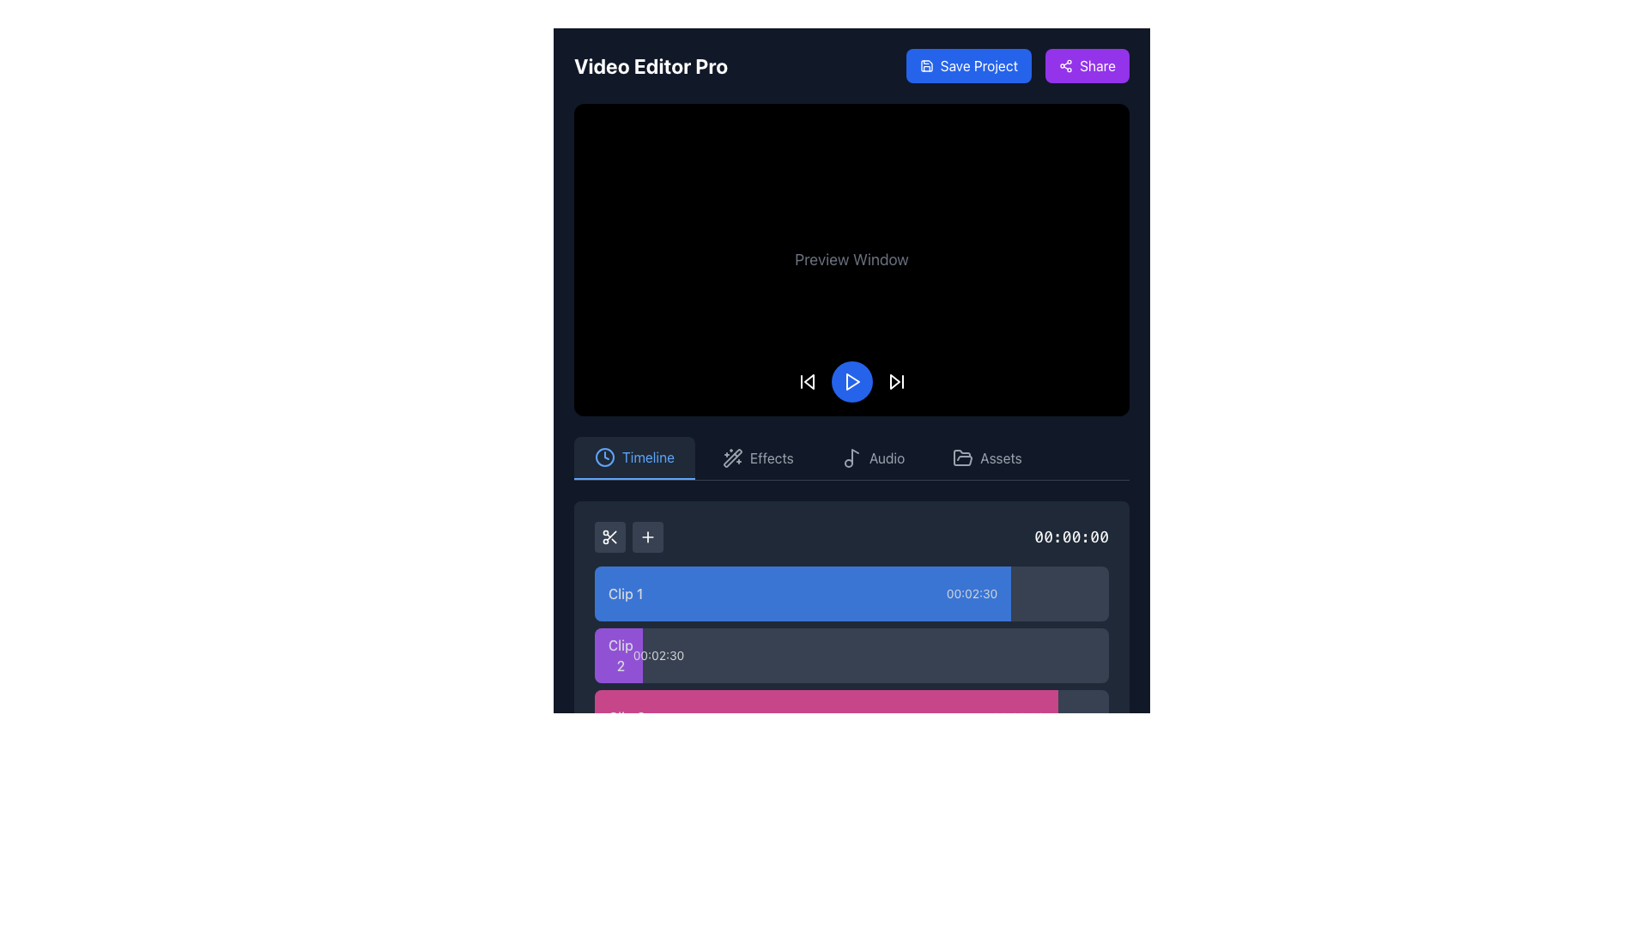 This screenshot has height=927, width=1648. I want to click on the blue 'Save Project' button with a white save icon, located in the top-right section of the interface, so click(968, 65).